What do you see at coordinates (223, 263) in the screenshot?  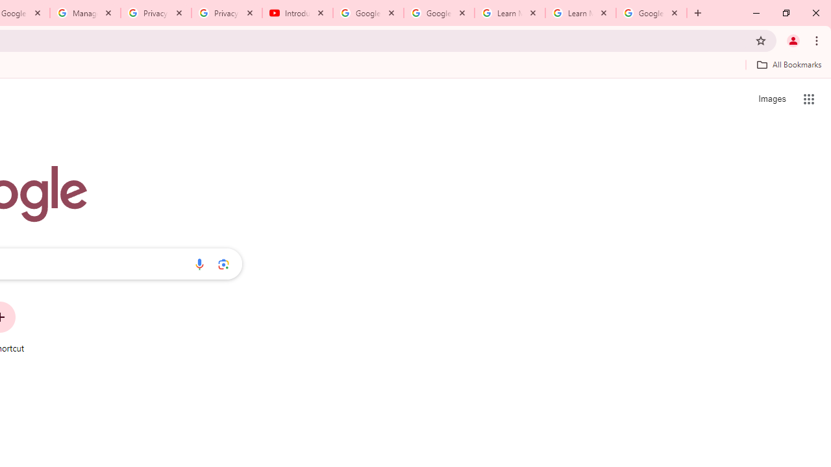 I see `'Search by image'` at bounding box center [223, 263].